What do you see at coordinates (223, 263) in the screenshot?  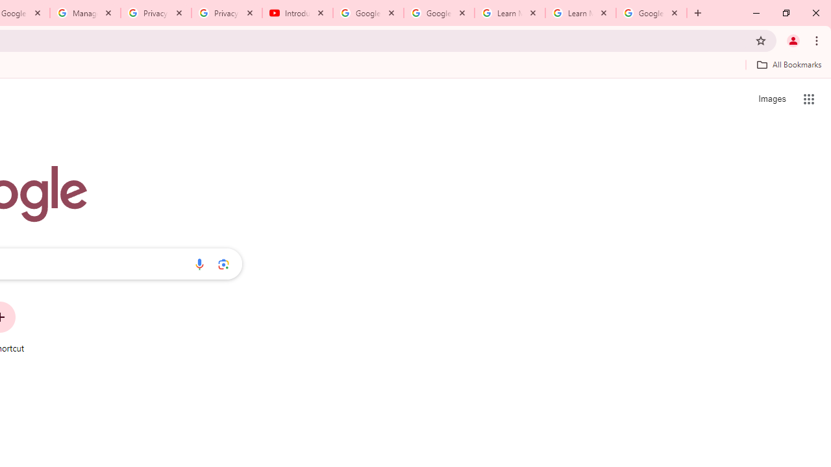 I see `'Search by image'` at bounding box center [223, 263].